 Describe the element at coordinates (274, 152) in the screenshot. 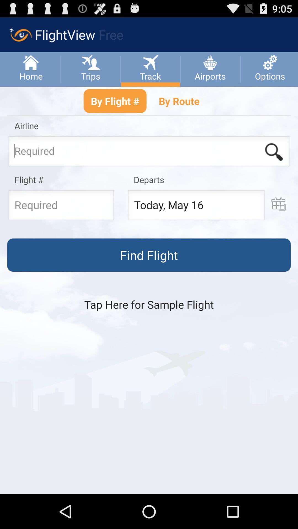

I see `search` at that location.